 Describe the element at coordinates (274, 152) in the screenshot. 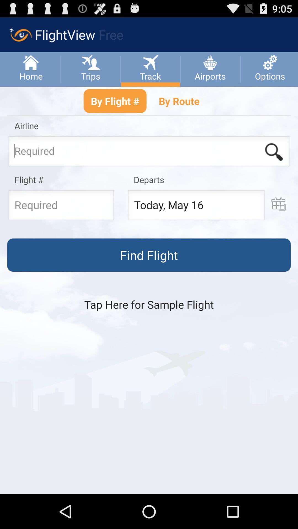

I see `search` at that location.